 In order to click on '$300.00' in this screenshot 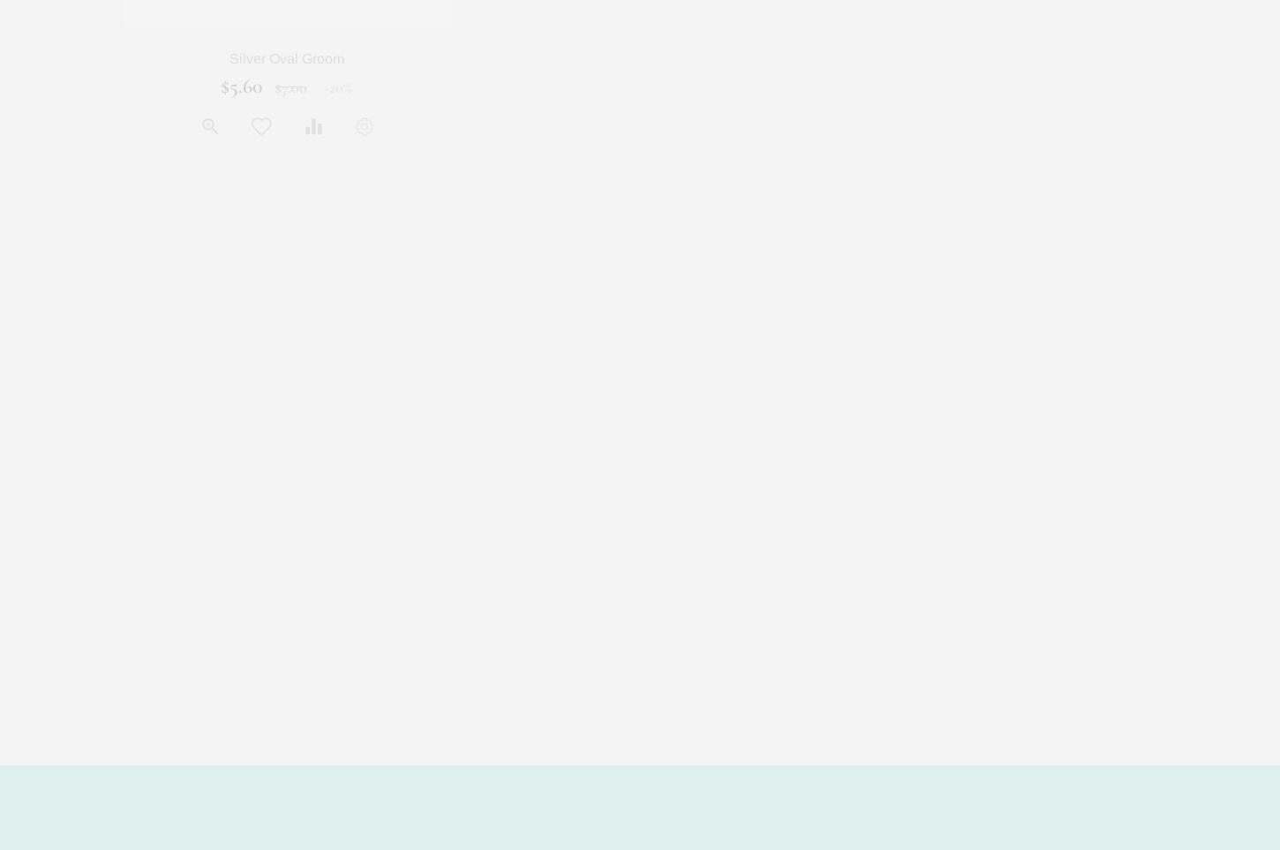, I will do `click(653, 86)`.